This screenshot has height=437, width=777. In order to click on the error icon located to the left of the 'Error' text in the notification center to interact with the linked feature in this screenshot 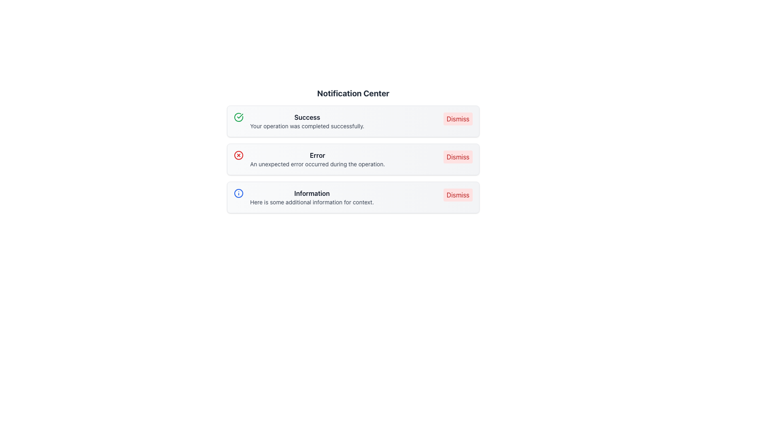, I will do `click(238, 155)`.